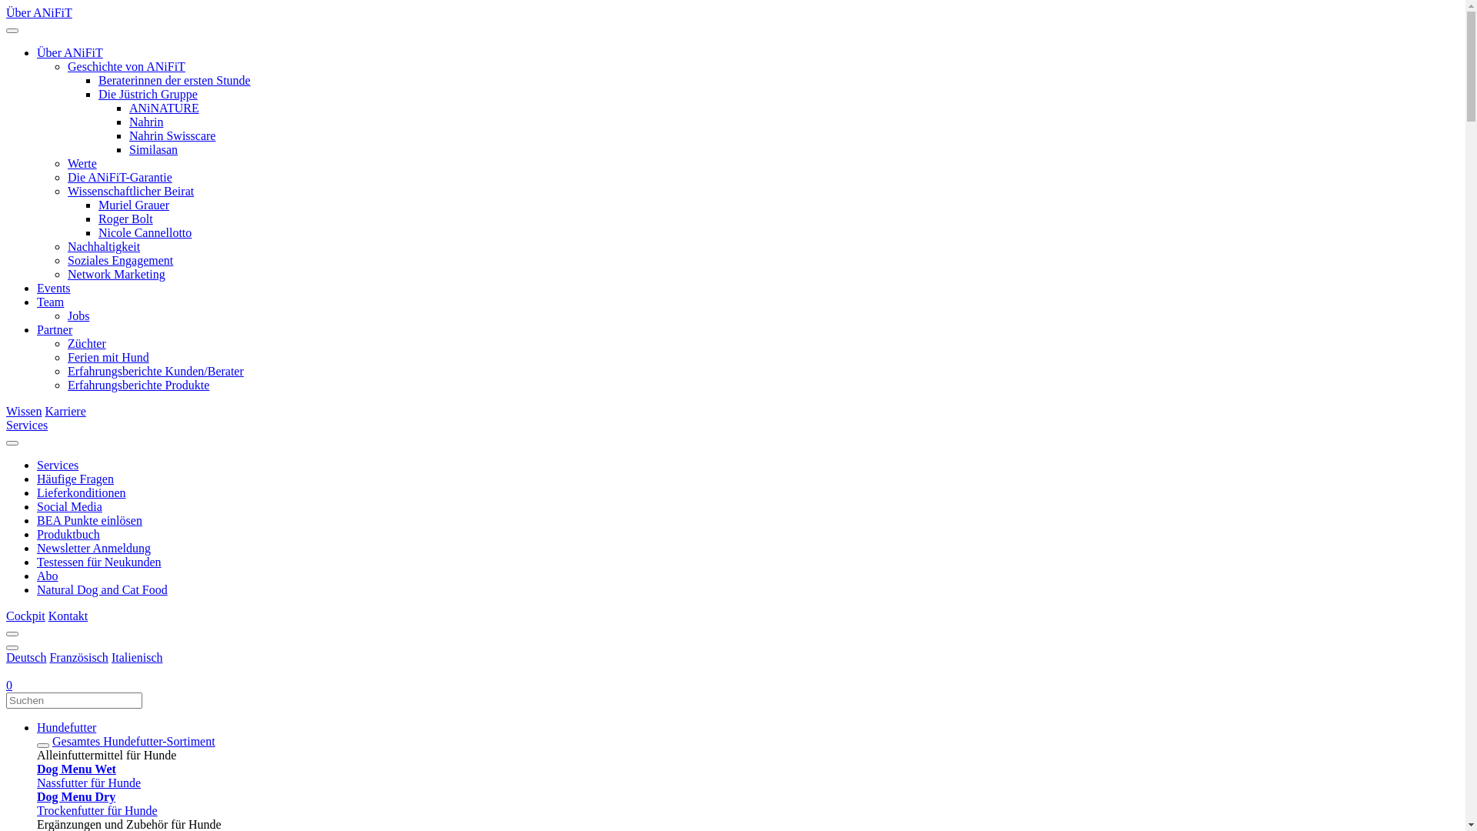  What do you see at coordinates (119, 259) in the screenshot?
I see `'Soziales Engagement'` at bounding box center [119, 259].